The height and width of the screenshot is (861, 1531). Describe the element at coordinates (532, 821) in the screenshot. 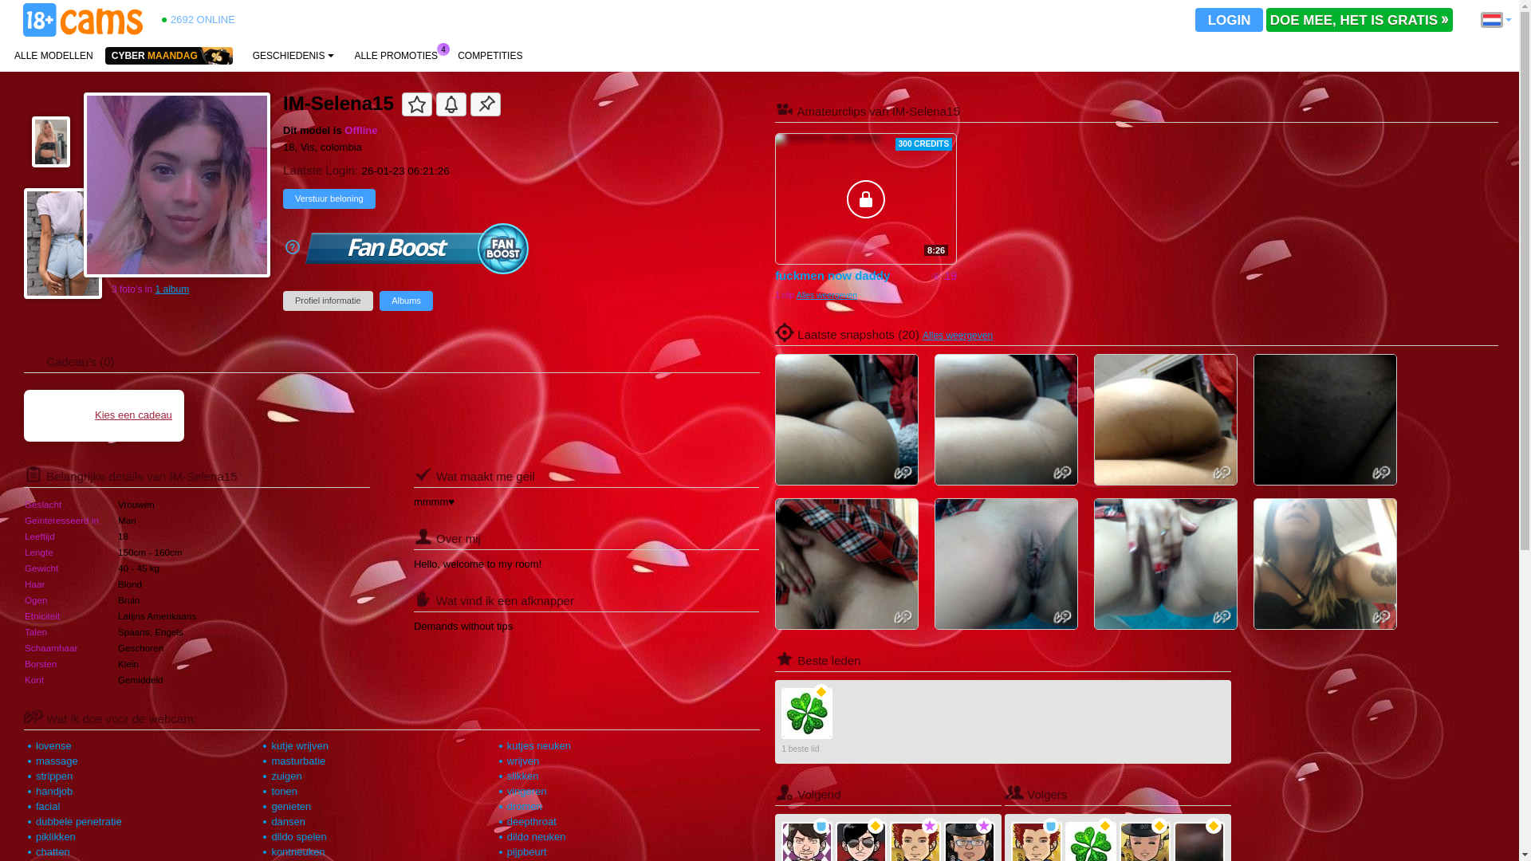

I see `'deepthroat'` at that location.